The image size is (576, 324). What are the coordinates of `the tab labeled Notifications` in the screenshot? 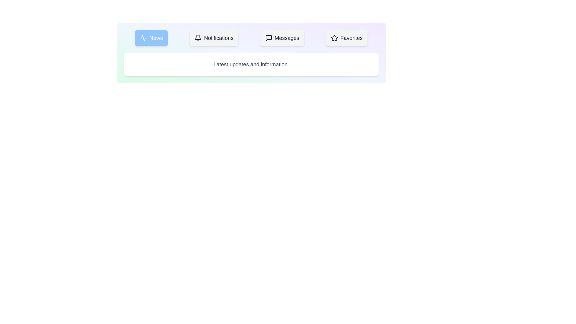 It's located at (214, 38).